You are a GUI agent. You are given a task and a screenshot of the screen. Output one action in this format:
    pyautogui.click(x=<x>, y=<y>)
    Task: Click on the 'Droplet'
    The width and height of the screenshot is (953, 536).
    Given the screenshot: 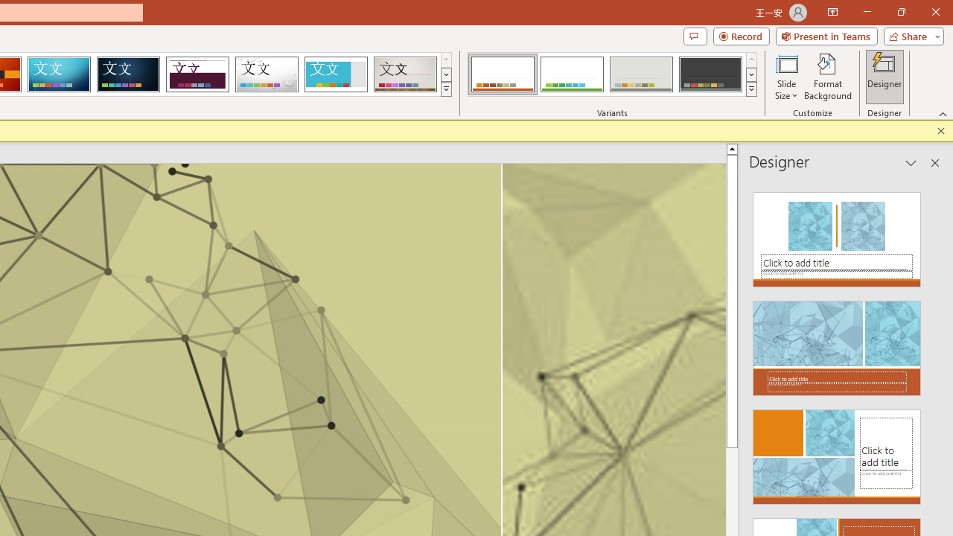 What is the action you would take?
    pyautogui.click(x=267, y=74)
    